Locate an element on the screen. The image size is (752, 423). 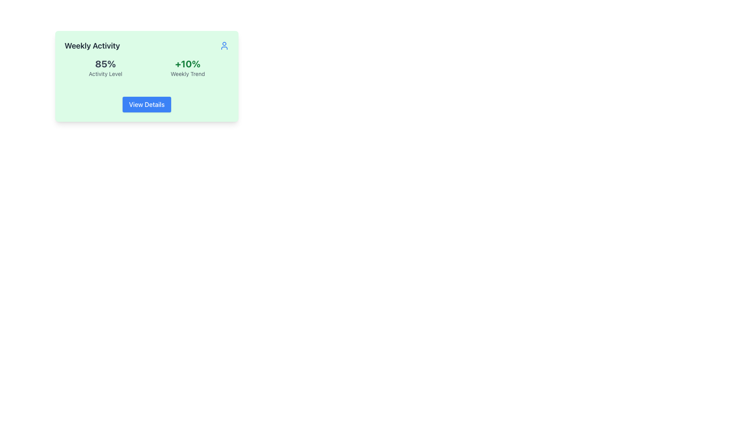
the blue button with white bold text that reads 'View Details' located at the bottom center of the green card displaying 'Weekly Activity' is located at coordinates (146, 104).